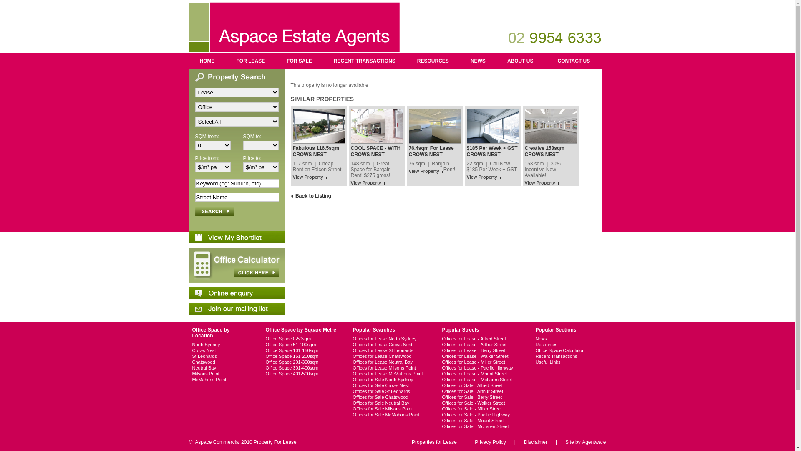 The image size is (801, 451). What do you see at coordinates (301, 373) in the screenshot?
I see `'Office Space 401-500sqm'` at bounding box center [301, 373].